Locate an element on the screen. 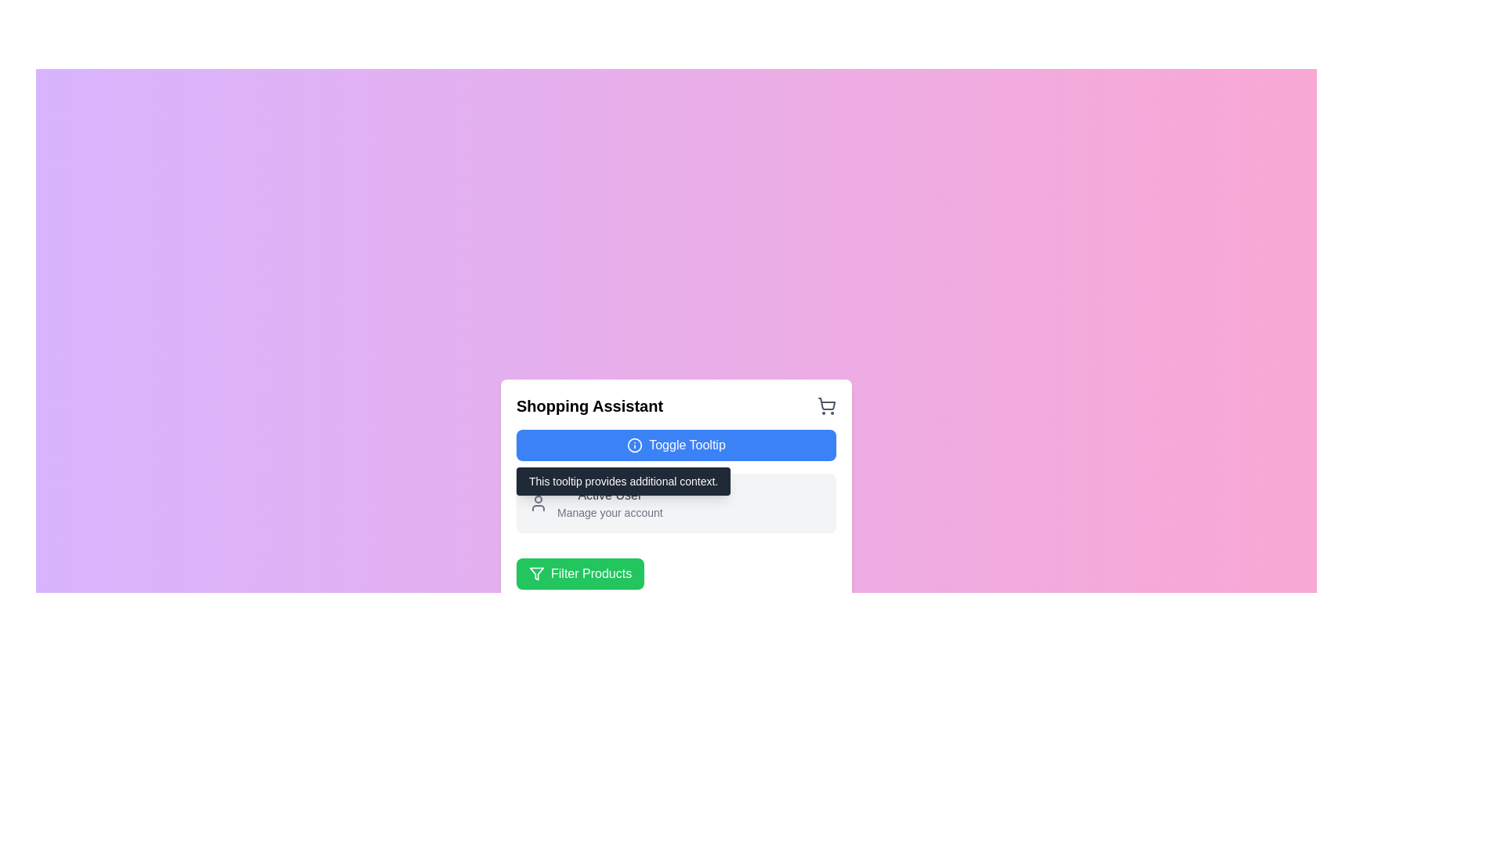 The height and width of the screenshot is (847, 1505). the button labeled 'Toggle Tooltip' with a blue background and white text is located at coordinates (676, 445).